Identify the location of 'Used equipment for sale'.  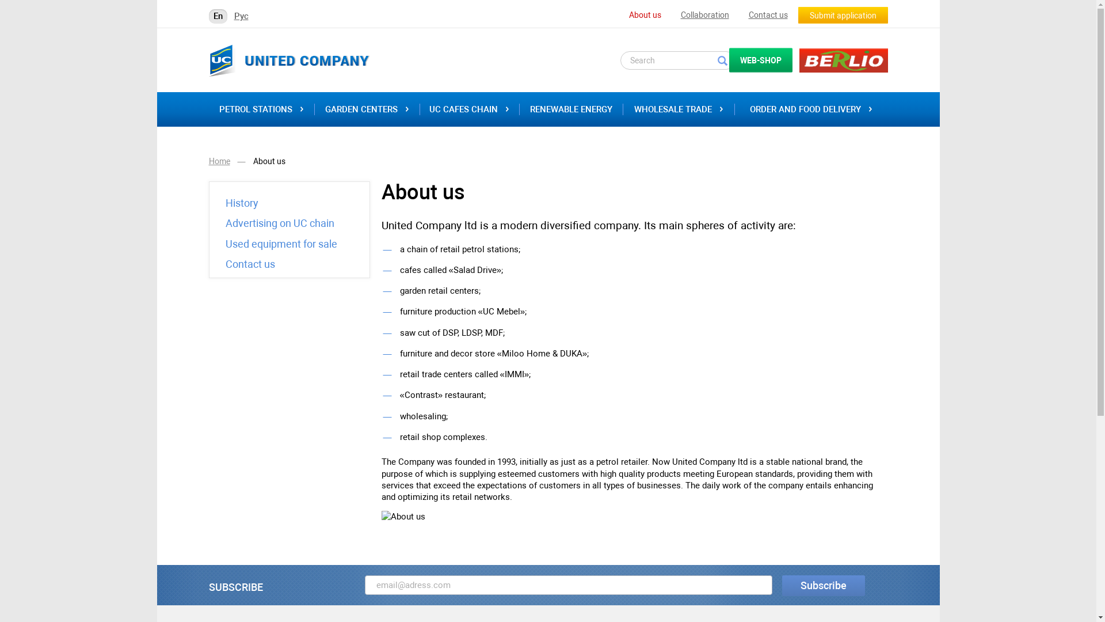
(281, 244).